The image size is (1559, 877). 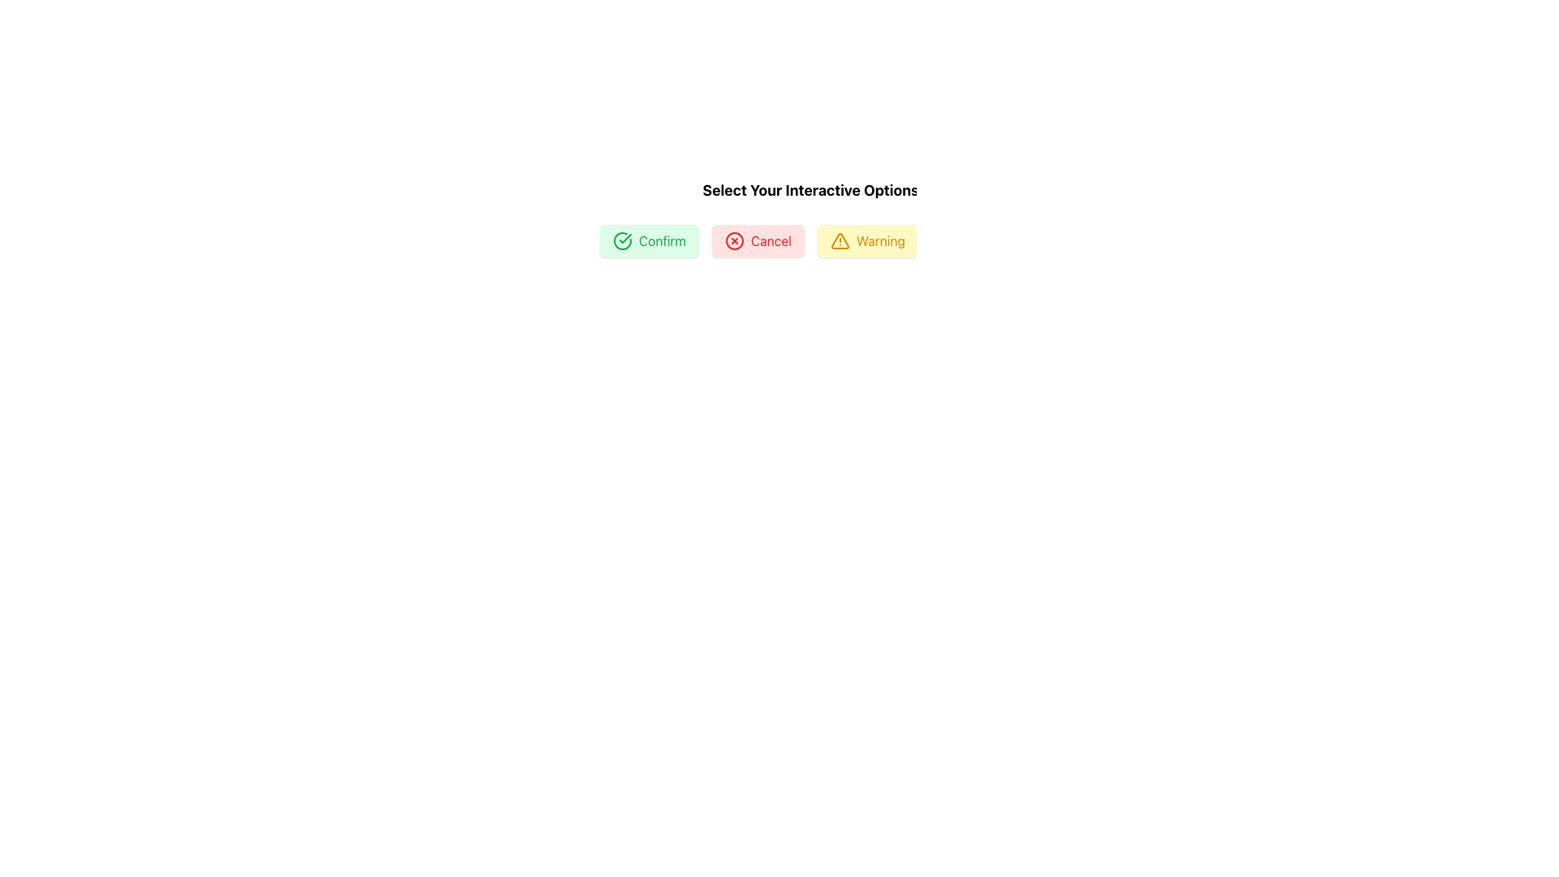 What do you see at coordinates (813, 190) in the screenshot?
I see `the text label reading 'Select Your Interactive Options:'` at bounding box center [813, 190].